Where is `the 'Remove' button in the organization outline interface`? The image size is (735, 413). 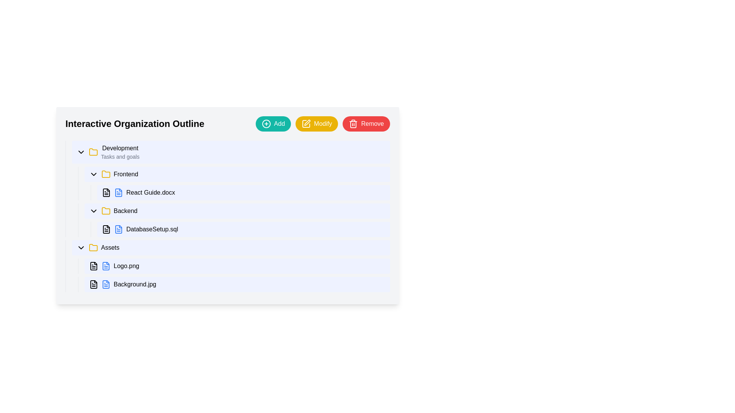 the 'Remove' button in the organization outline interface is located at coordinates (227, 124).